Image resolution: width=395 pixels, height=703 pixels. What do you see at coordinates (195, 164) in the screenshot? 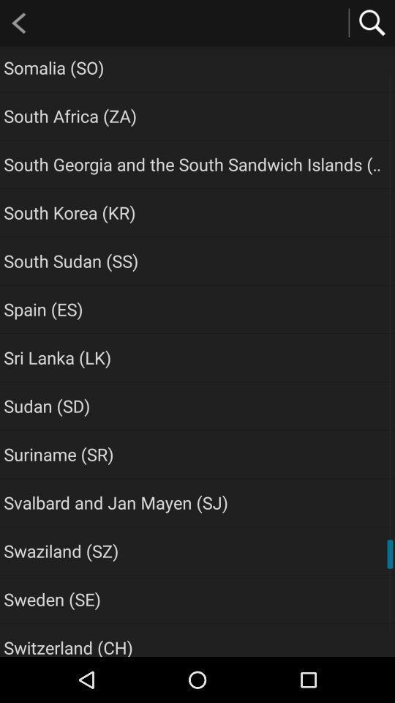
I see `the app above the south korea (kr) app` at bounding box center [195, 164].